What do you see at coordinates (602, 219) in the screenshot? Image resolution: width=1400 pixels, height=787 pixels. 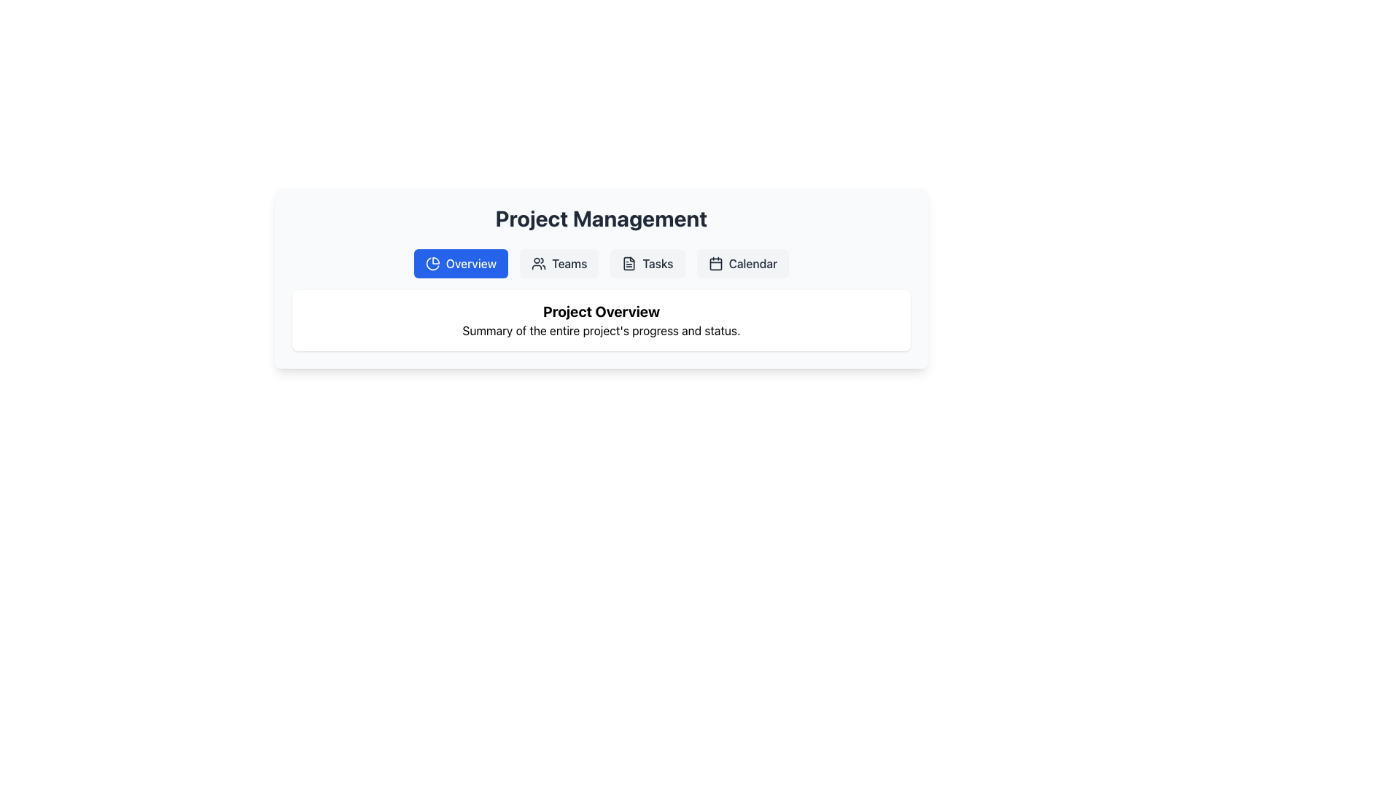 I see `the main header titled 'Project Management', which is centrally located within a gray, rounded rectangle area above the navigation buttons` at bounding box center [602, 219].